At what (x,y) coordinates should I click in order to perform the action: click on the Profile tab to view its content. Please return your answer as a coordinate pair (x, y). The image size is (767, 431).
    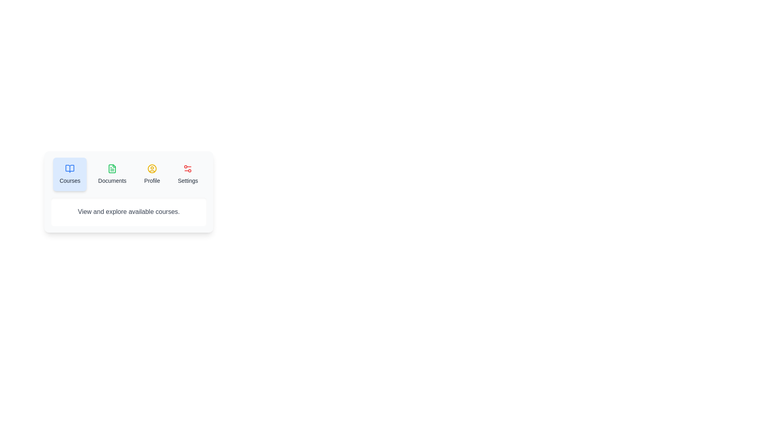
    Looking at the image, I should click on (151, 174).